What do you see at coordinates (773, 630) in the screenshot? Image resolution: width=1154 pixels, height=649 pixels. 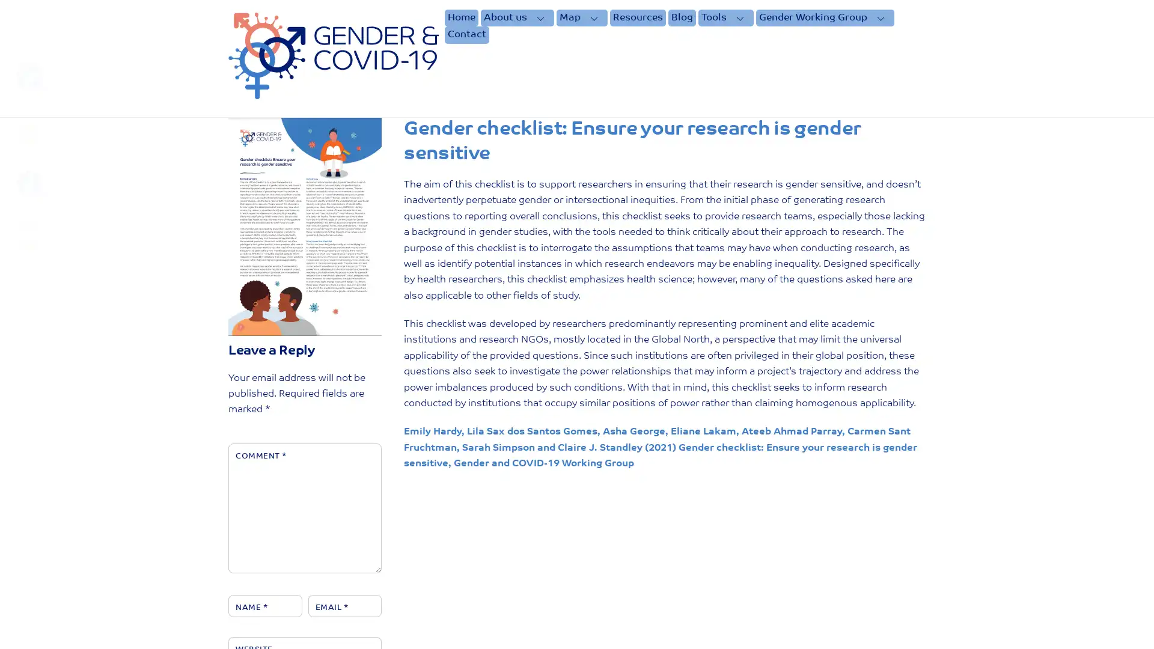 I see `Accept` at bounding box center [773, 630].